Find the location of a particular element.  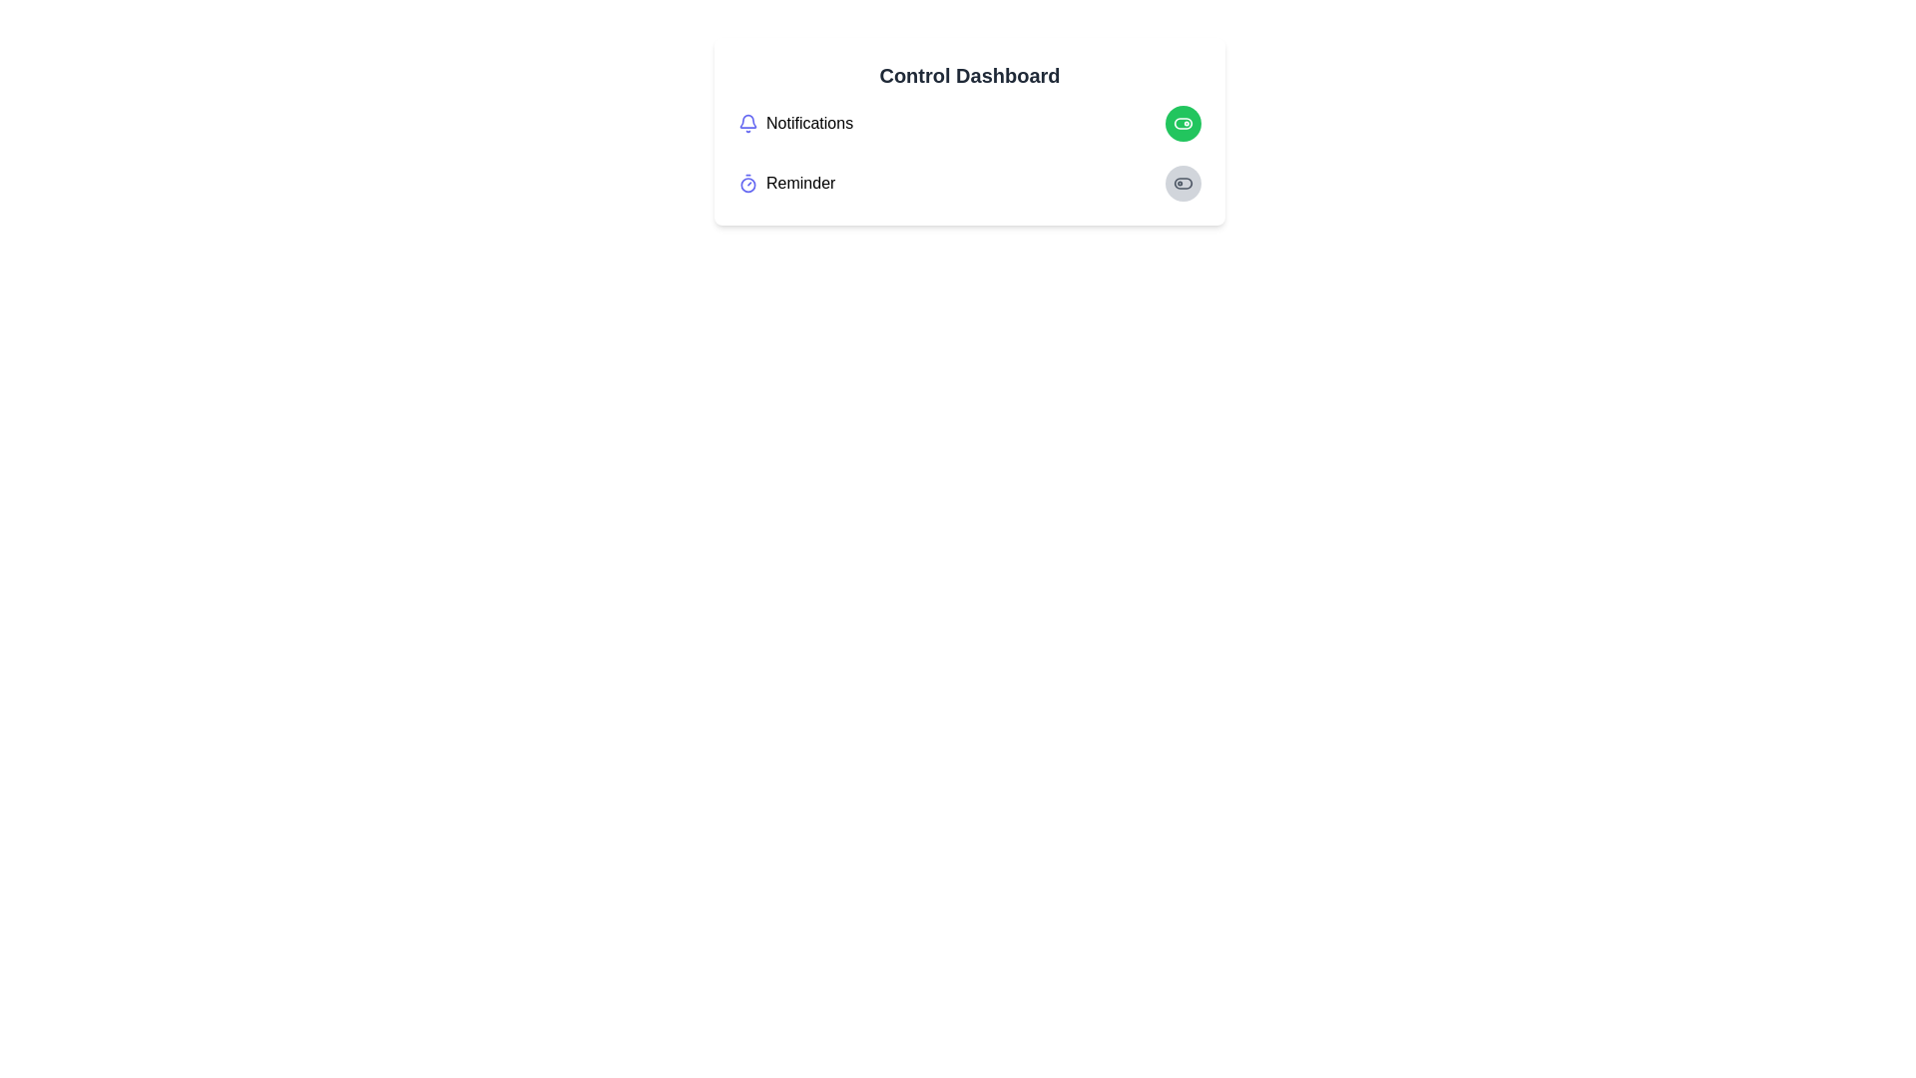

the toggle switch for the 'Reminder' feature in the control dashboard is located at coordinates (1183, 184).